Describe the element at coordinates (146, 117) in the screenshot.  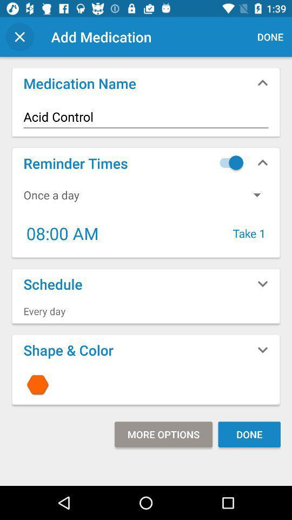
I see `acid control item` at that location.